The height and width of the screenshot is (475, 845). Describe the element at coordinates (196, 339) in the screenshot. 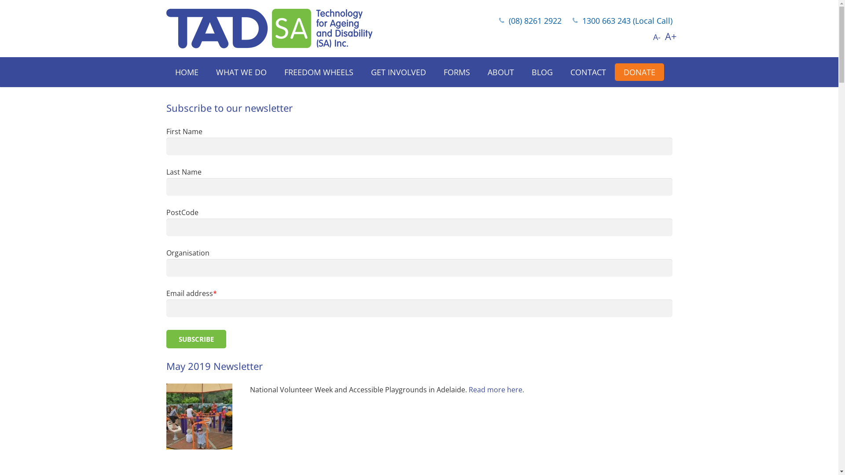

I see `'SUBSCRIBE'` at that location.